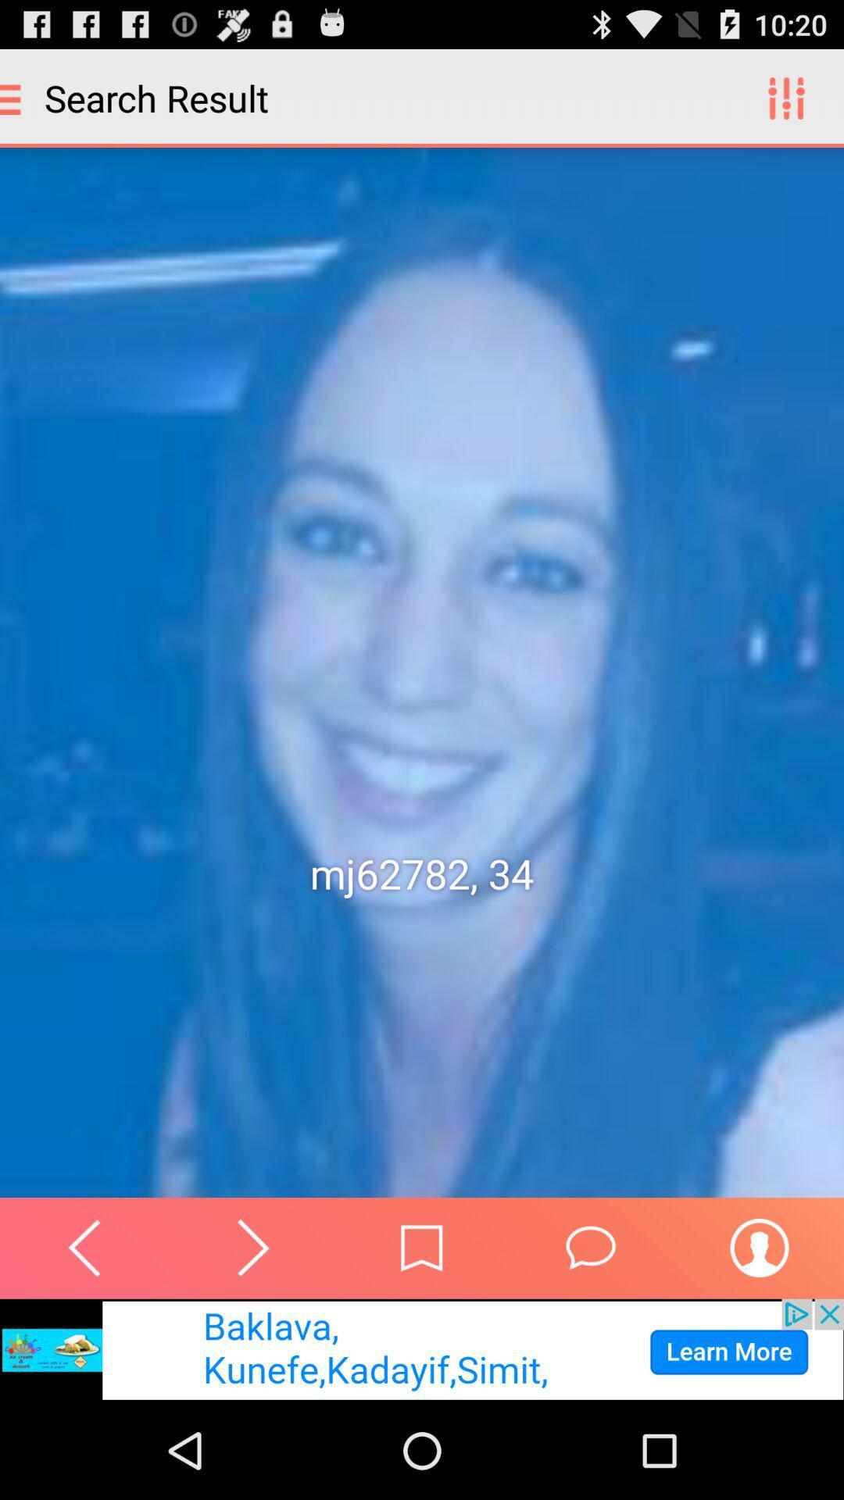 Image resolution: width=844 pixels, height=1500 pixels. Describe the element at coordinates (759, 1247) in the screenshot. I see `users` at that location.